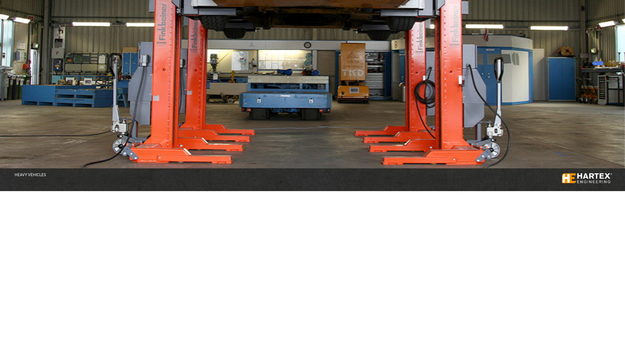  What do you see at coordinates (30, 174) in the screenshot?
I see `'HEAVY VEHICLES'` at bounding box center [30, 174].